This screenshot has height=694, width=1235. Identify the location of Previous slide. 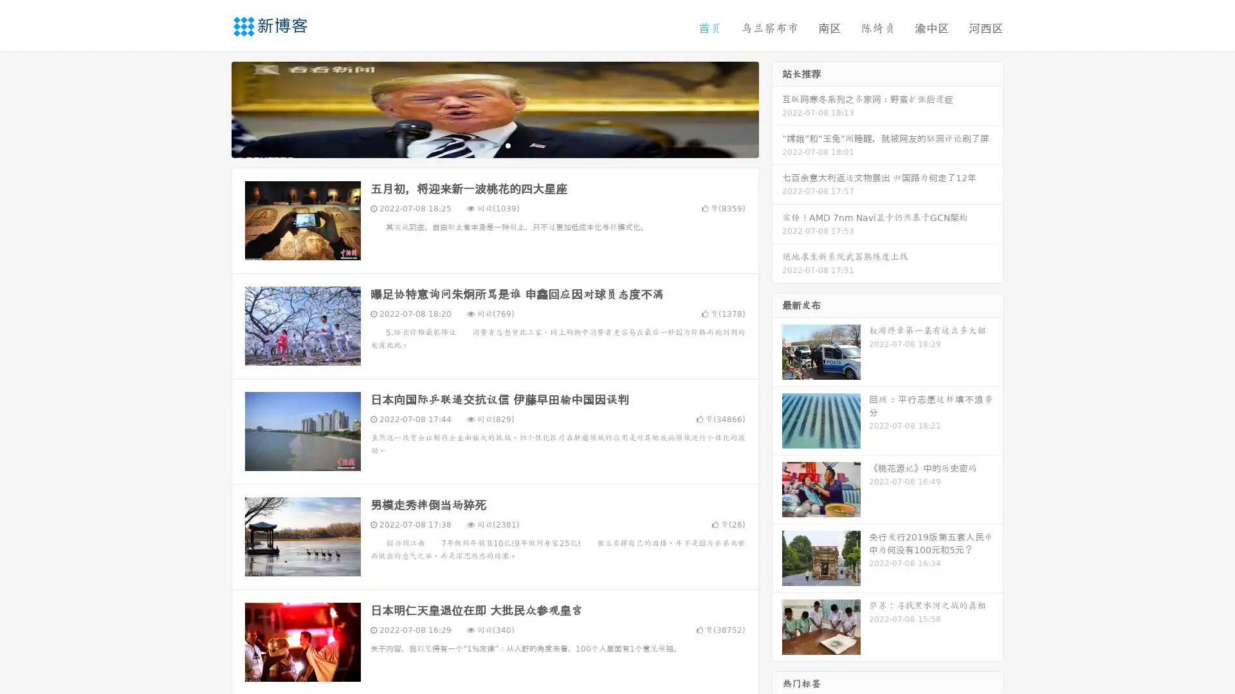
(212, 108).